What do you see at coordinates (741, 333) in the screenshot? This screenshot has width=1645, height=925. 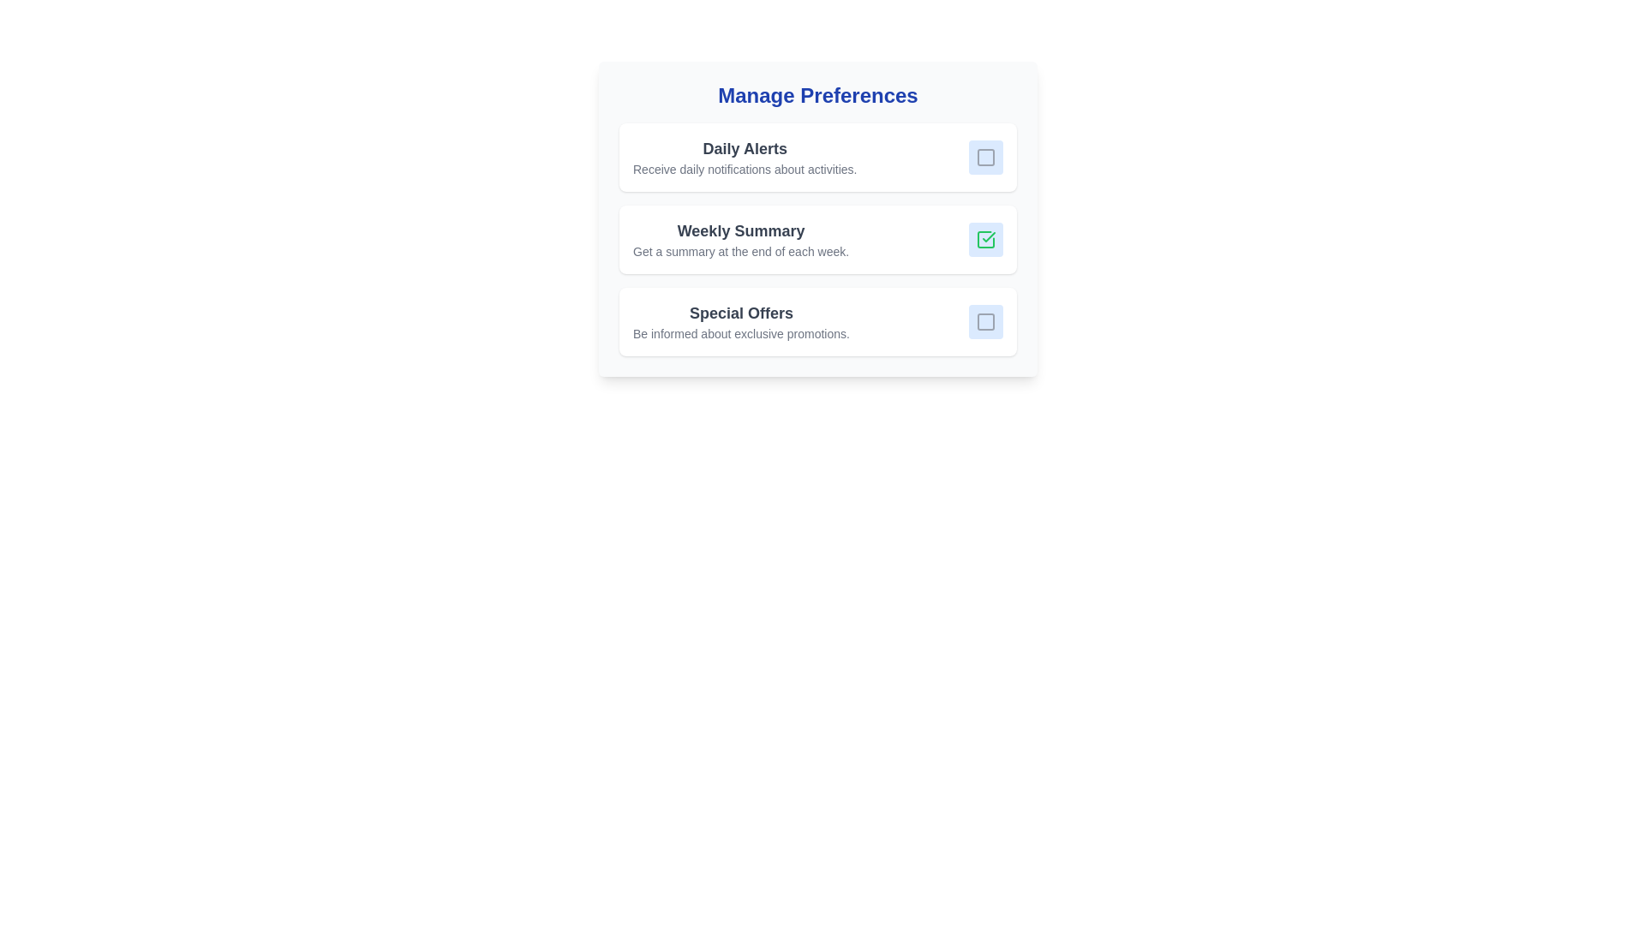 I see `descriptive text located below the 'Special Offers' title, which provides additional information about the section` at bounding box center [741, 333].